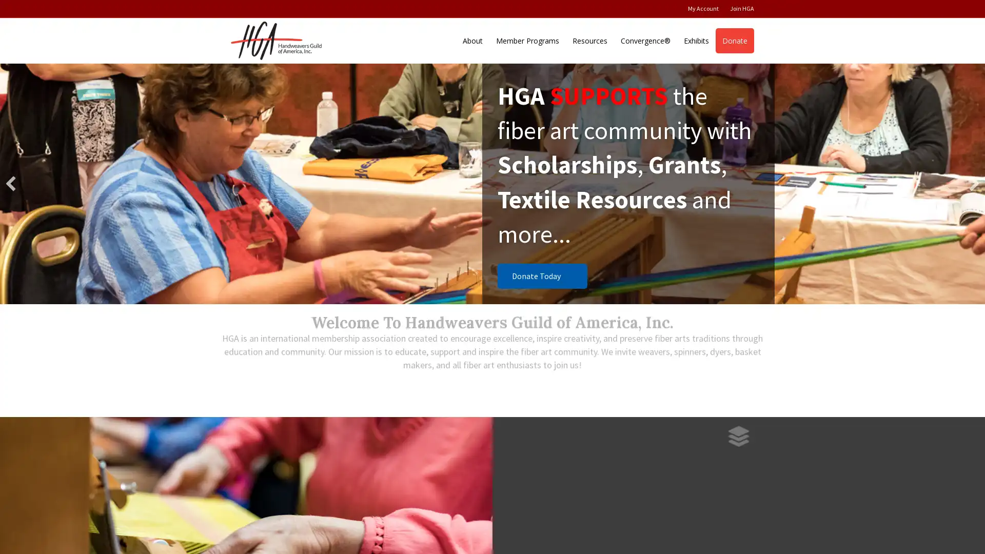 The image size is (985, 554). I want to click on next, so click(974, 183).